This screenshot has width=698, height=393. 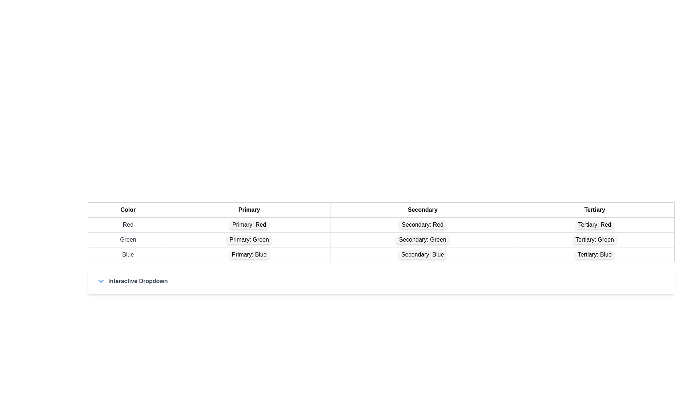 What do you see at coordinates (594, 254) in the screenshot?
I see `the 'Tertiary' category label indicating 'Blue' in the last row of the table` at bounding box center [594, 254].